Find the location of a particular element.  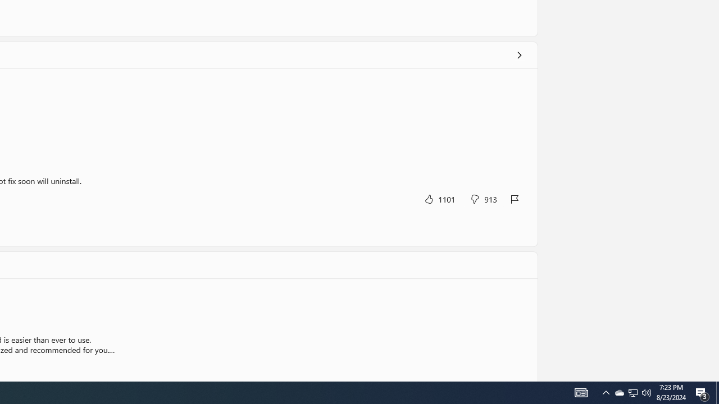

'Yes, this was helpful. 1101 votes.' is located at coordinates (439, 198).